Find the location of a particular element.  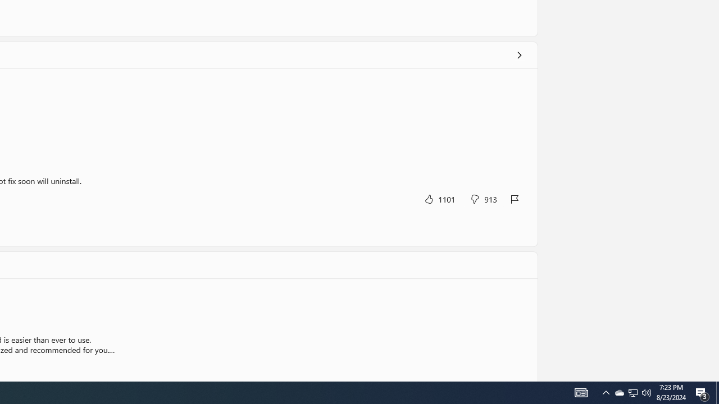

'Yes, this was helpful. 1101 votes.' is located at coordinates (439, 198).